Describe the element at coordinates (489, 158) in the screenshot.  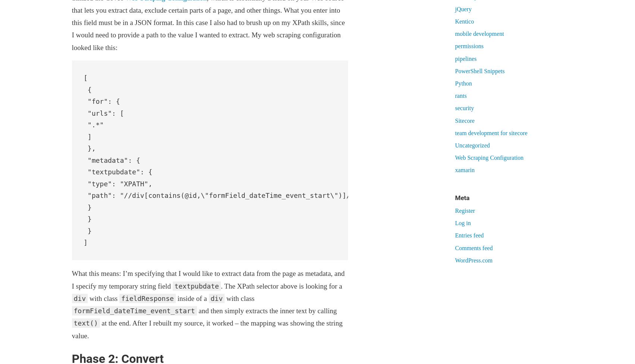
I see `'Web Scraping Configuration'` at that location.